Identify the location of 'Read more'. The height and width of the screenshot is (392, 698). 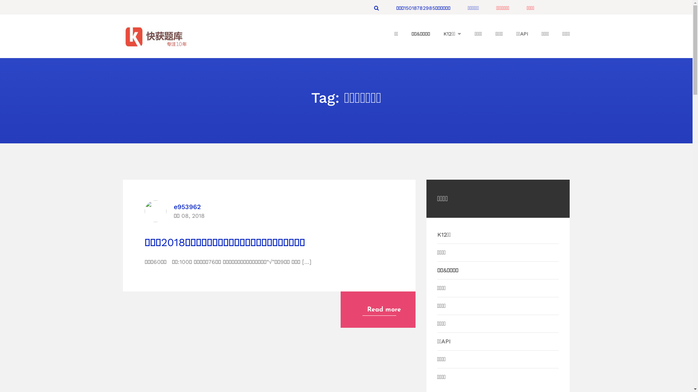
(377, 309).